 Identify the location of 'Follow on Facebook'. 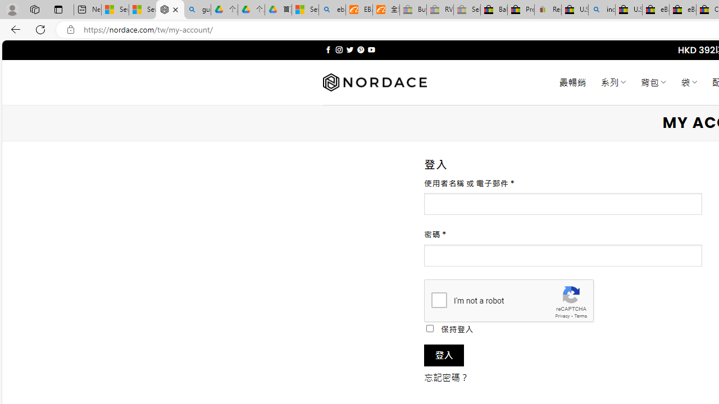
(327, 49).